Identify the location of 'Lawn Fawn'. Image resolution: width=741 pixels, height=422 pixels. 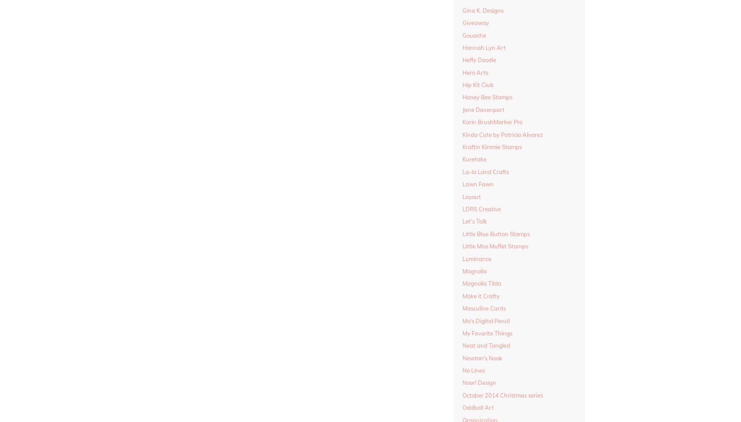
(461, 184).